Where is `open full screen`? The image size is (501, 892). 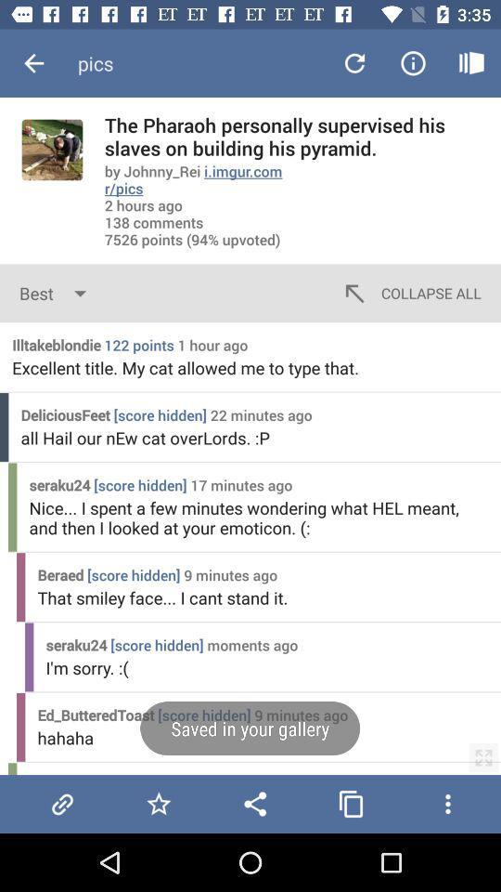 open full screen is located at coordinates (483, 757).